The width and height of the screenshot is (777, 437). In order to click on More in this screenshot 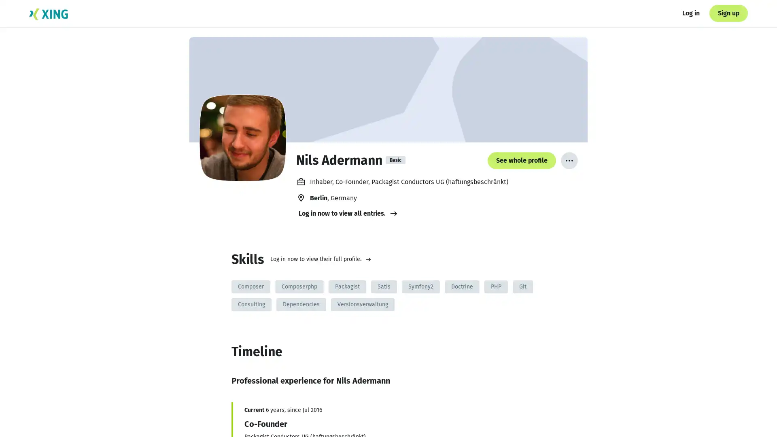, I will do `click(569, 161)`.